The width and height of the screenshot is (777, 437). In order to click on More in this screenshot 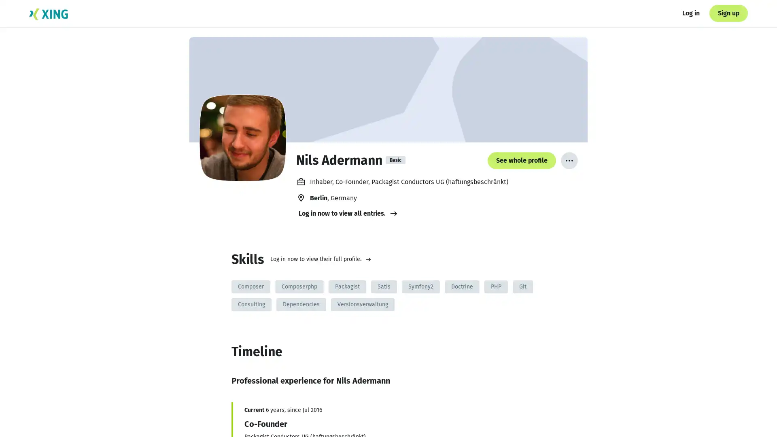, I will do `click(569, 161)`.